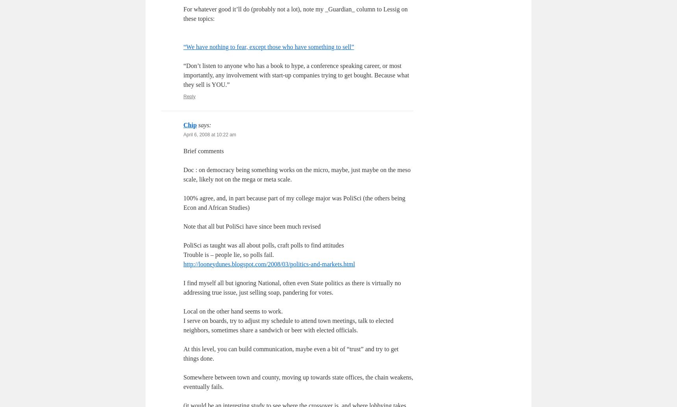 The image size is (677, 407). What do you see at coordinates (233, 311) in the screenshot?
I see `'Local on the other hand seems to work.'` at bounding box center [233, 311].